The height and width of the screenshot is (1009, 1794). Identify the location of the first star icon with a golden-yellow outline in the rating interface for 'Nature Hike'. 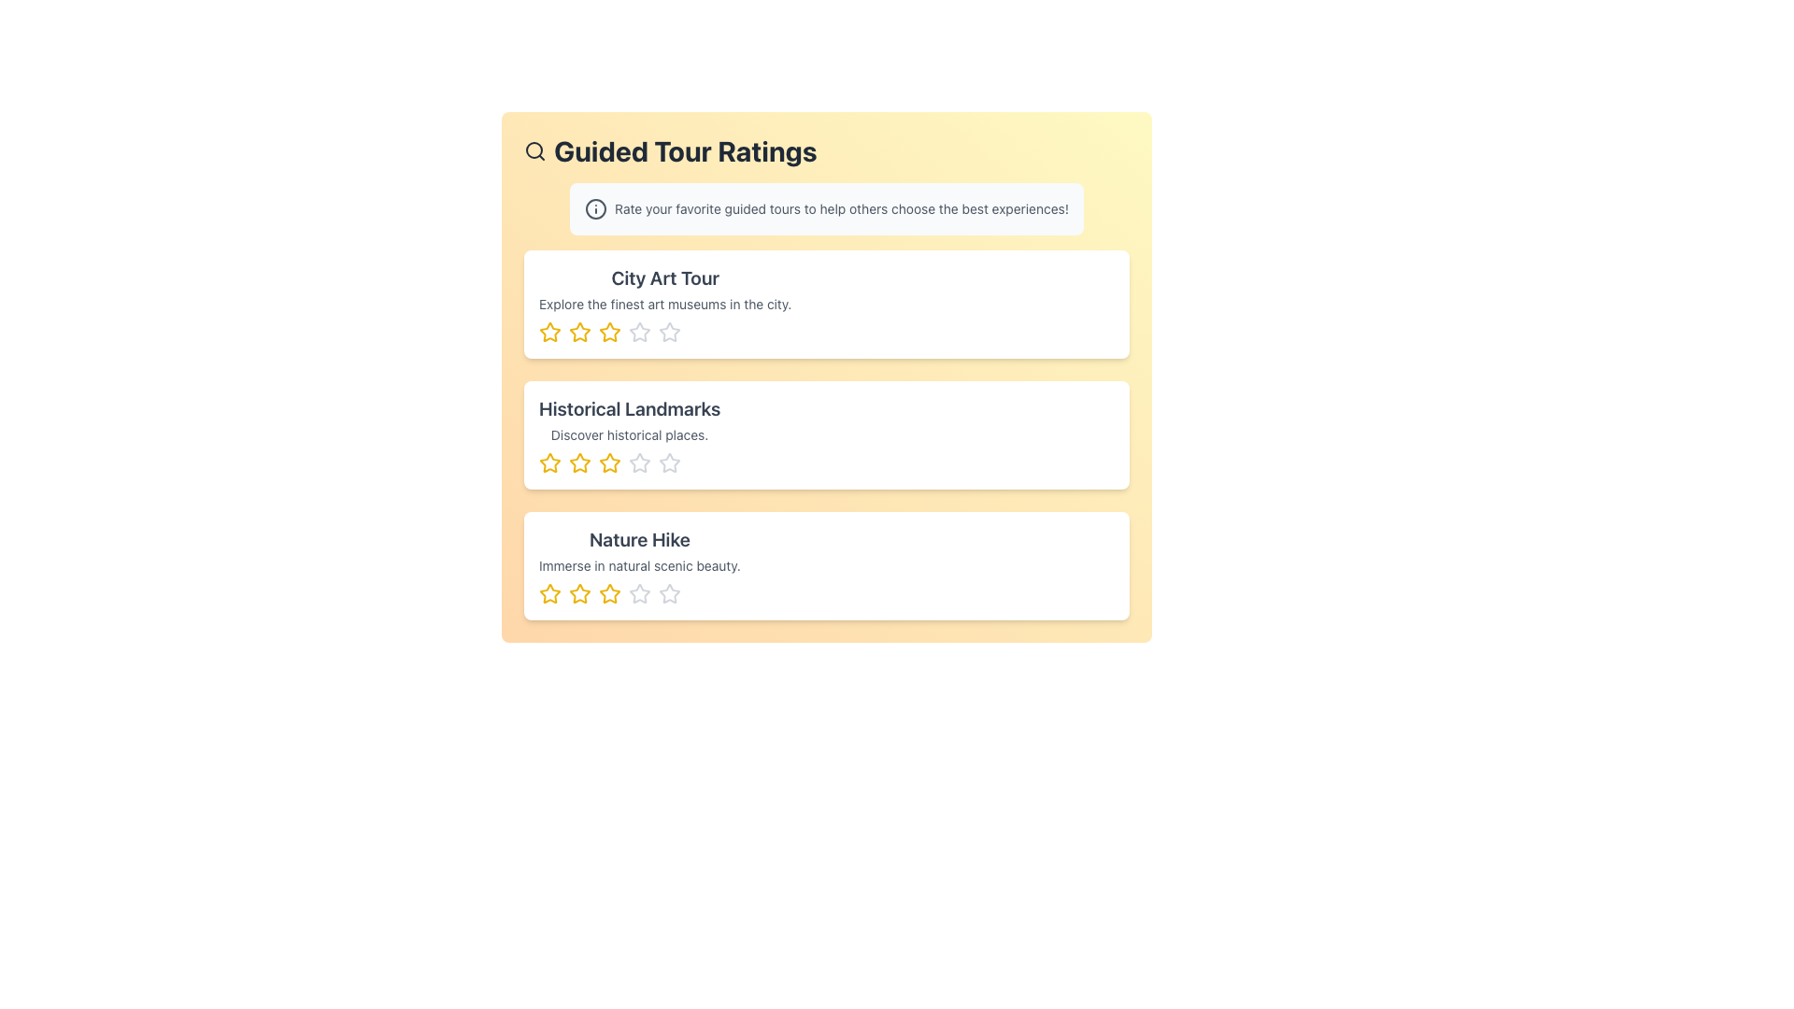
(548, 593).